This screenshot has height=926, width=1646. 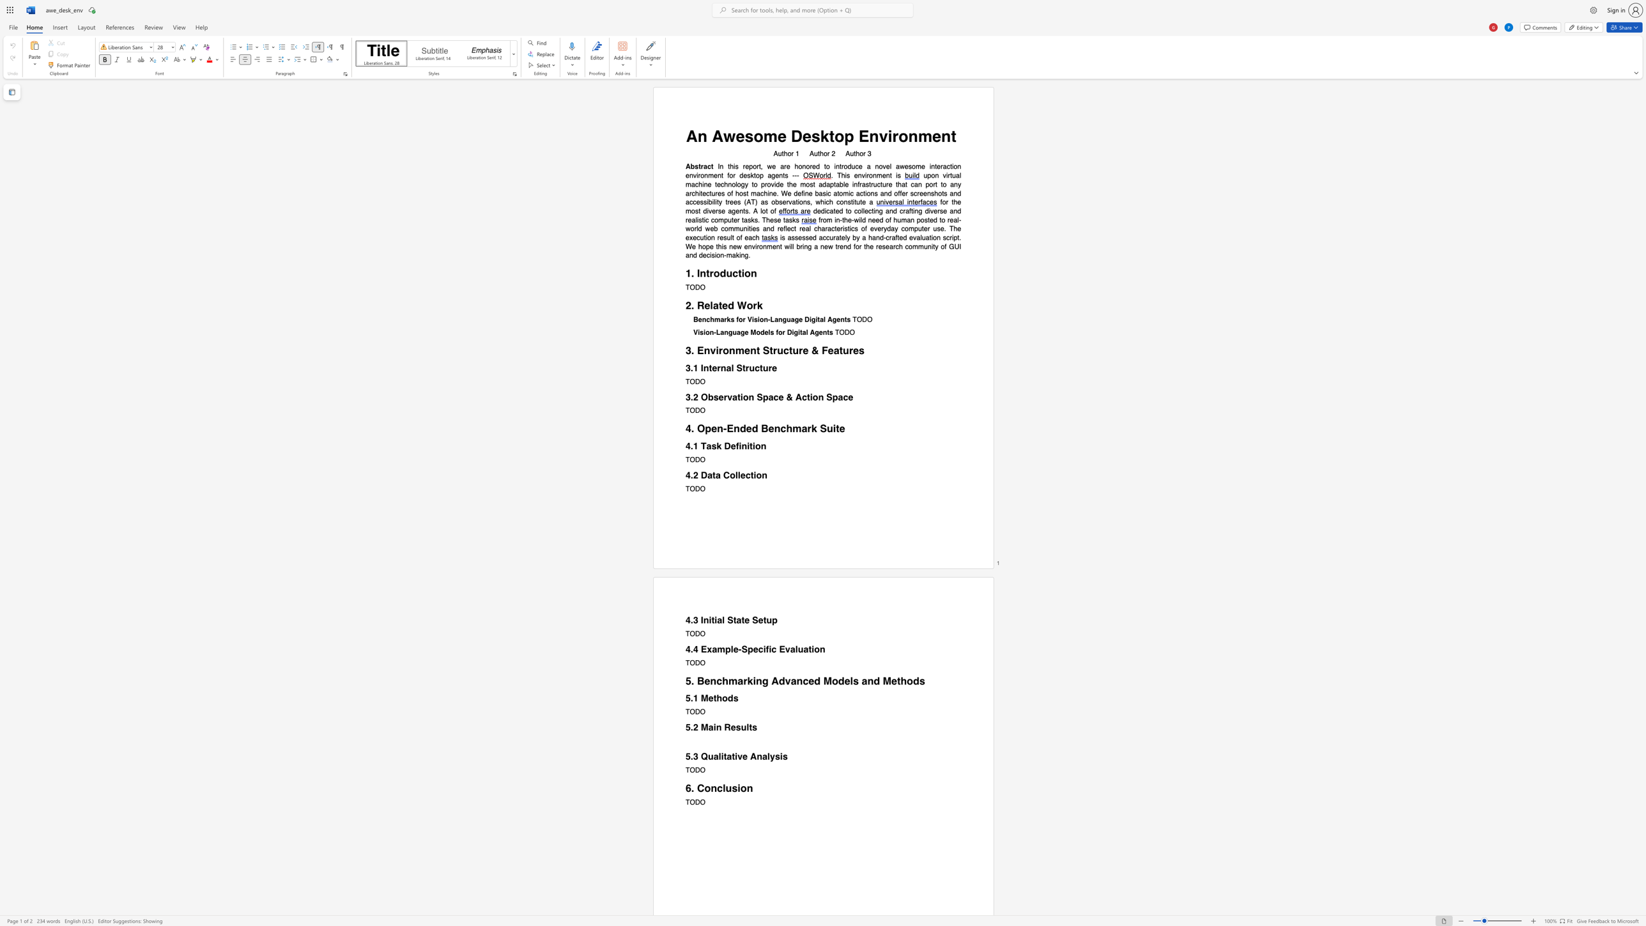 What do you see at coordinates (767, 428) in the screenshot?
I see `the subset text "enchmark S" within the text "4. Open-Ended Benchmark Suite"` at bounding box center [767, 428].